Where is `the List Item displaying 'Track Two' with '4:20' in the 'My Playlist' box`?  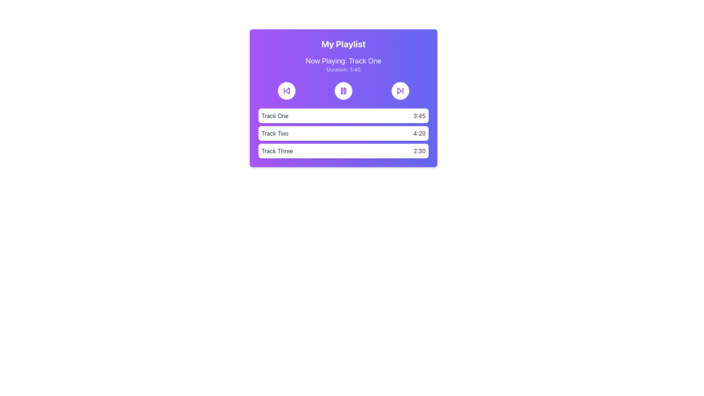
the List Item displaying 'Track Two' with '4:20' in the 'My Playlist' box is located at coordinates (343, 133).